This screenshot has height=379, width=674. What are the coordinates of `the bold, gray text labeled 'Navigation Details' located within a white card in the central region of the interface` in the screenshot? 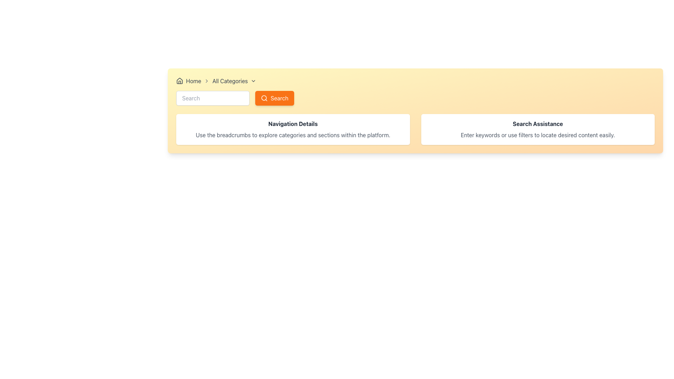 It's located at (293, 124).